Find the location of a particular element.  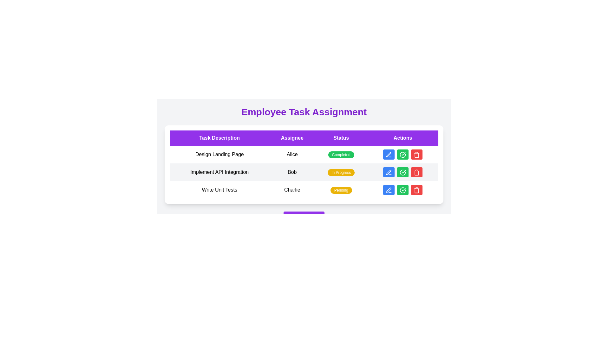

the green button with a checkmark icon located in the 'Actions' column of the last row in the task table is located at coordinates (403, 190).